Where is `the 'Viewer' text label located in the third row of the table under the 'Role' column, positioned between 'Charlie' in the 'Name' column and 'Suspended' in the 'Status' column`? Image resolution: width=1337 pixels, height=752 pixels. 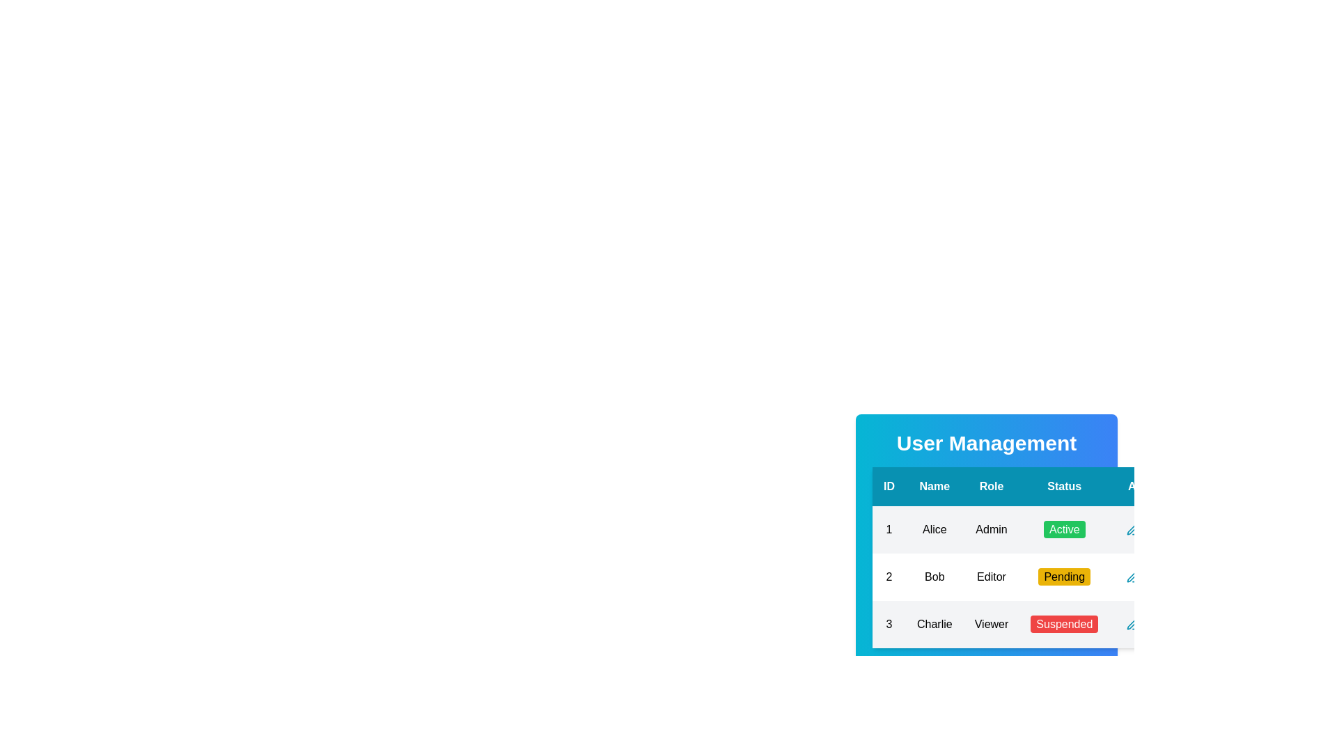 the 'Viewer' text label located in the third row of the table under the 'Role' column, positioned between 'Charlie' in the 'Name' column and 'Suspended' in the 'Status' column is located at coordinates (991, 624).